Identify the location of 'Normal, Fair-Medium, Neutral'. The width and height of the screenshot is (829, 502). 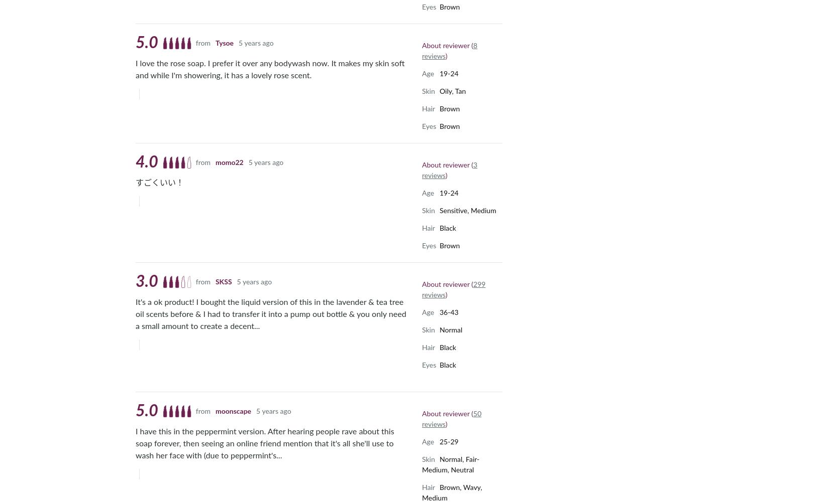
(422, 464).